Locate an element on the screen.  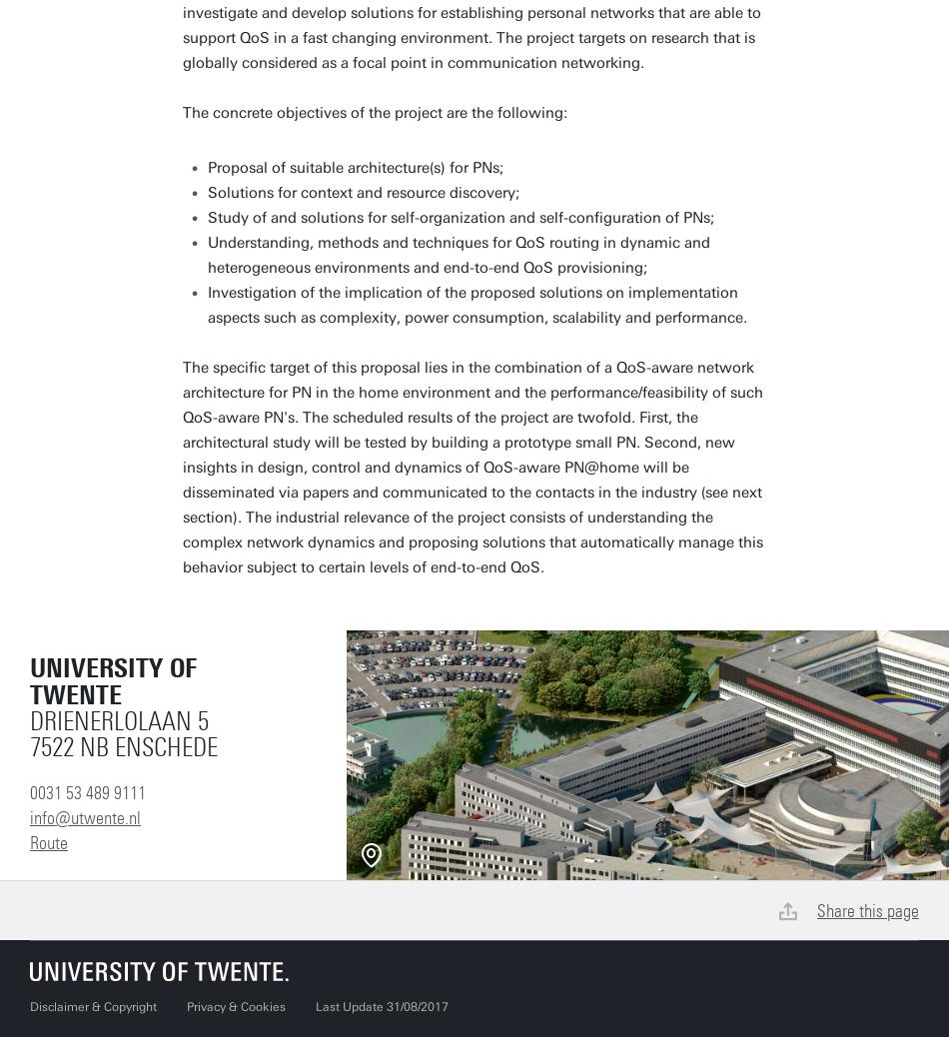
'Proposal of suitable architecture(s) for PNs;' is located at coordinates (354, 166).